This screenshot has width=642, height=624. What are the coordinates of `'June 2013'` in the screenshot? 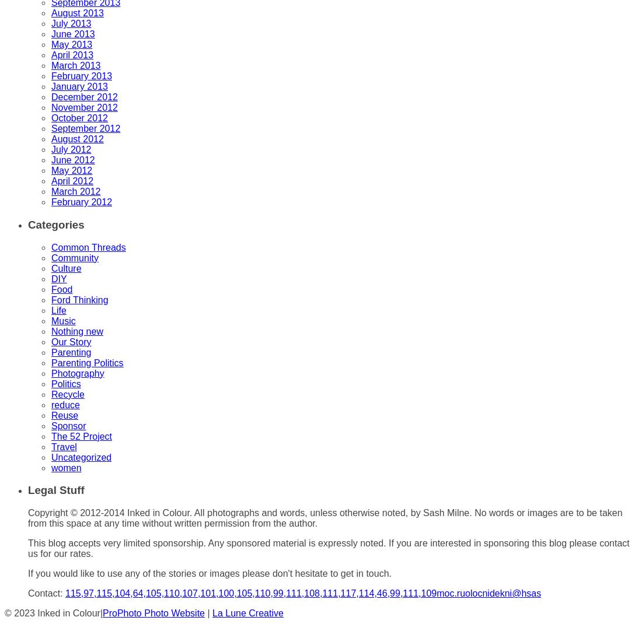 It's located at (72, 33).